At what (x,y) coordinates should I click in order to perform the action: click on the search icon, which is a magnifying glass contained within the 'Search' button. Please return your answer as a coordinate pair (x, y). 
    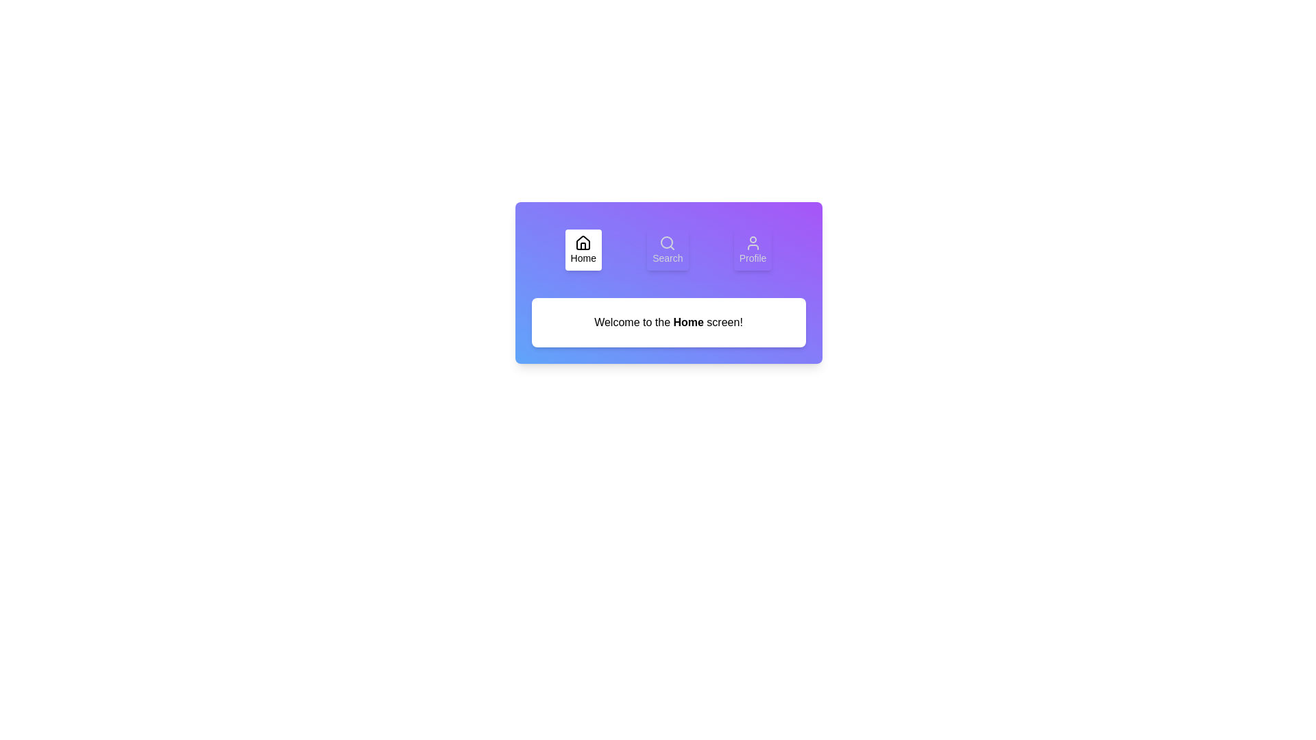
    Looking at the image, I should click on (668, 242).